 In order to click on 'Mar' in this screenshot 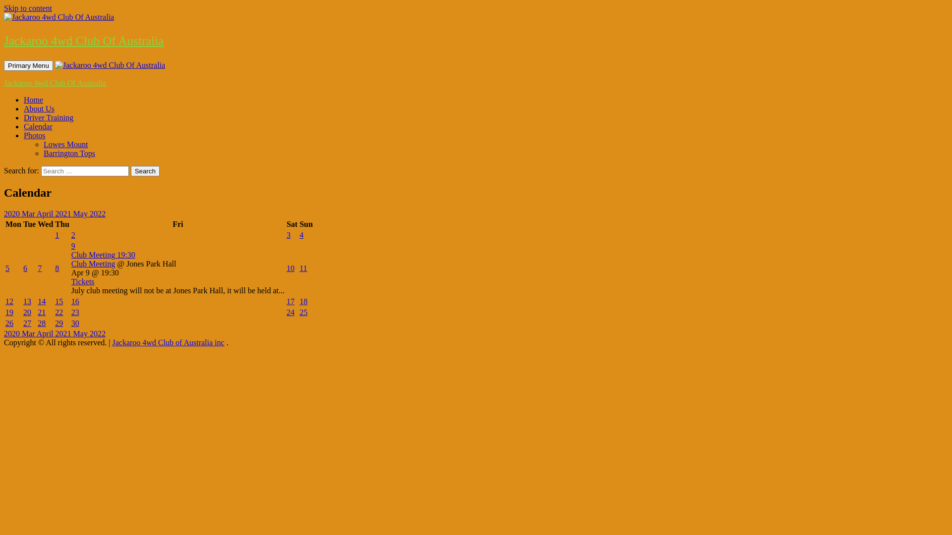, I will do `click(29, 213)`.